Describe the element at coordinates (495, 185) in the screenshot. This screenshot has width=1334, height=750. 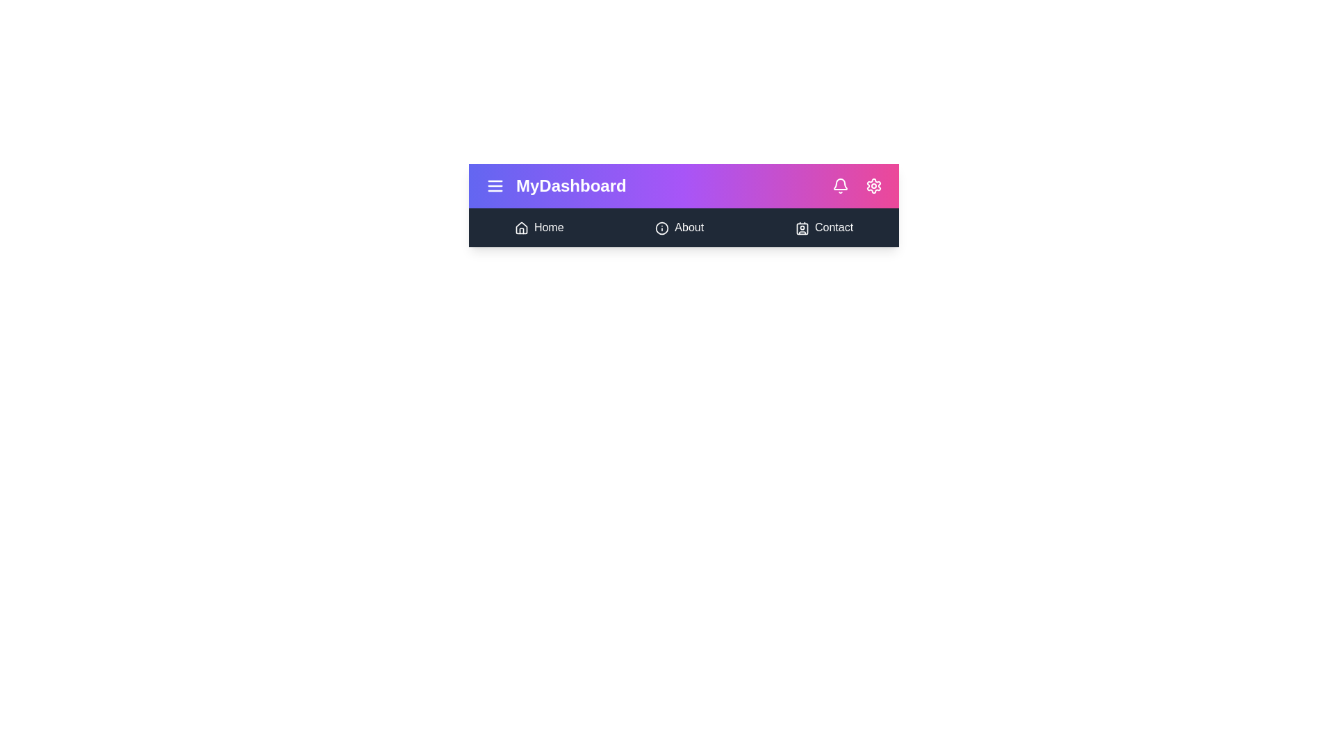
I see `the menu icon to toggle the menu visibility` at that location.